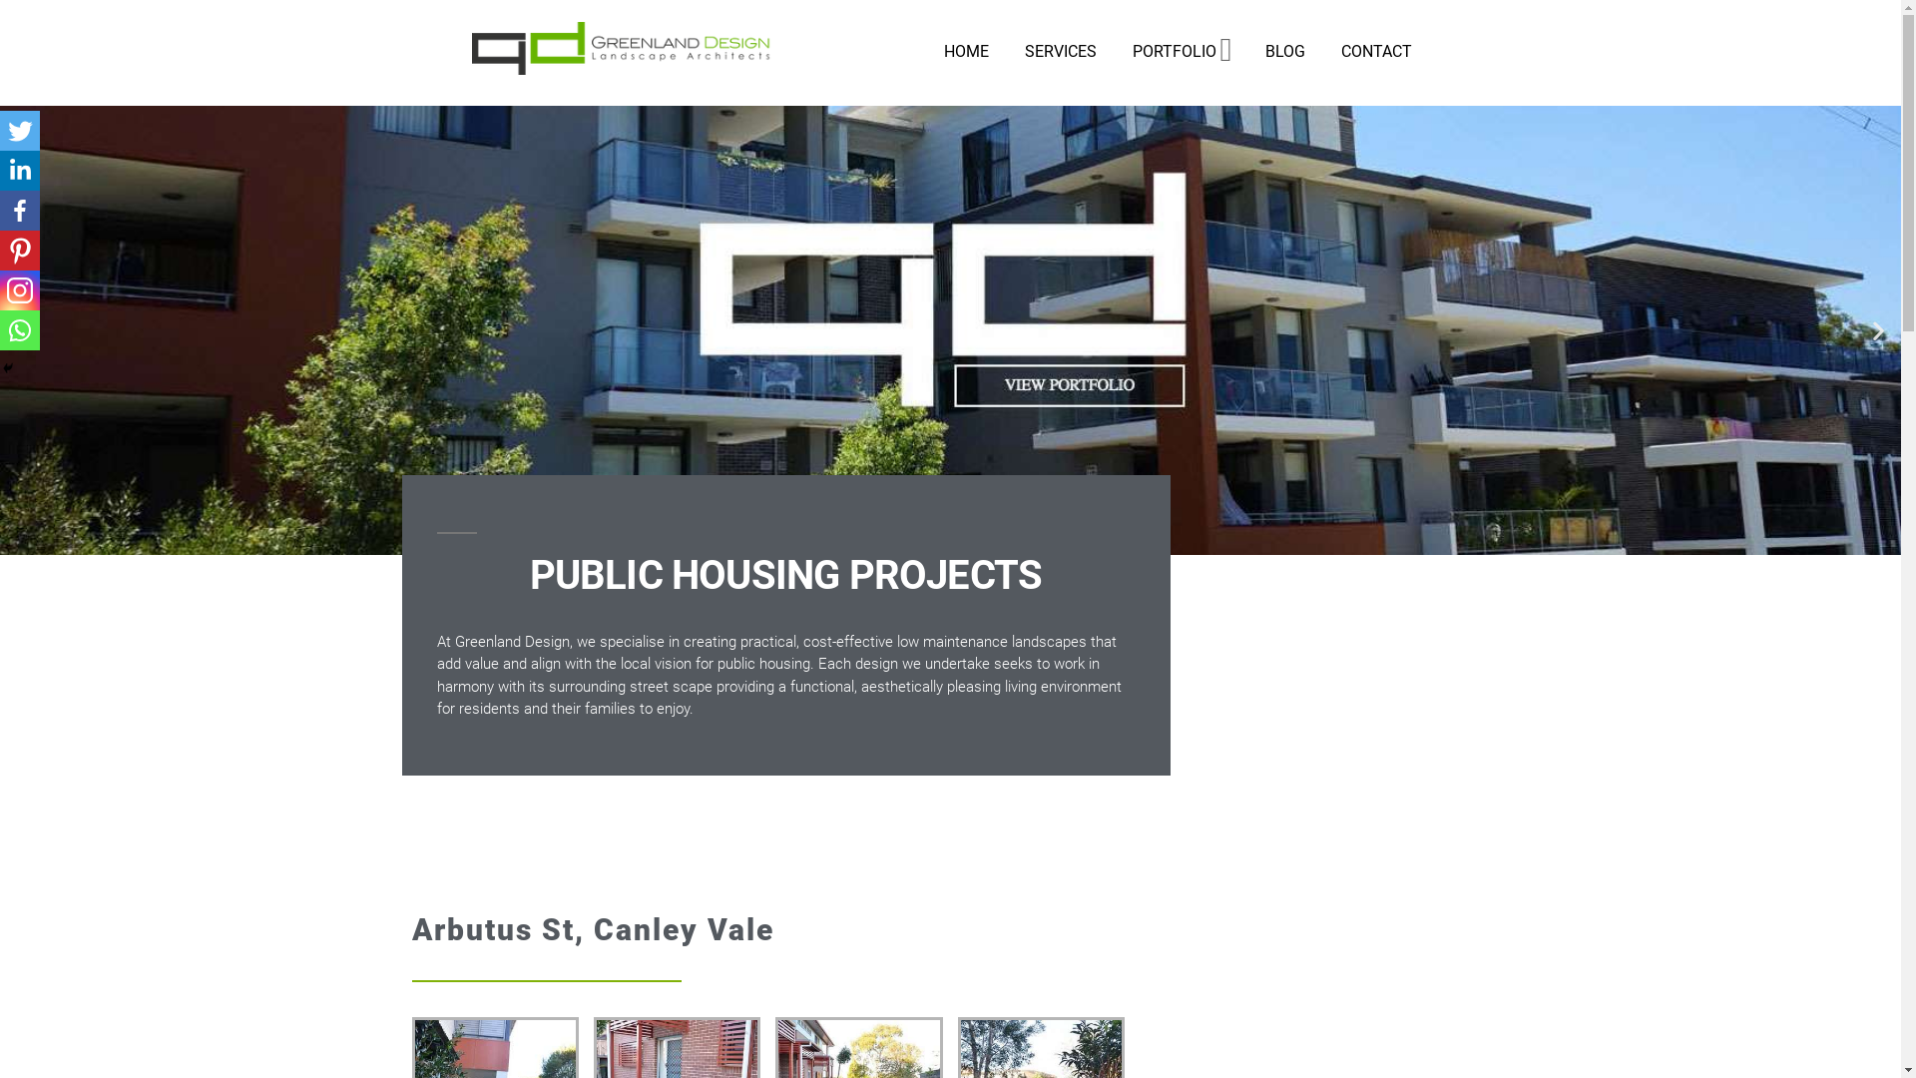  Describe the element at coordinates (19, 289) in the screenshot. I see `'Instagram'` at that location.